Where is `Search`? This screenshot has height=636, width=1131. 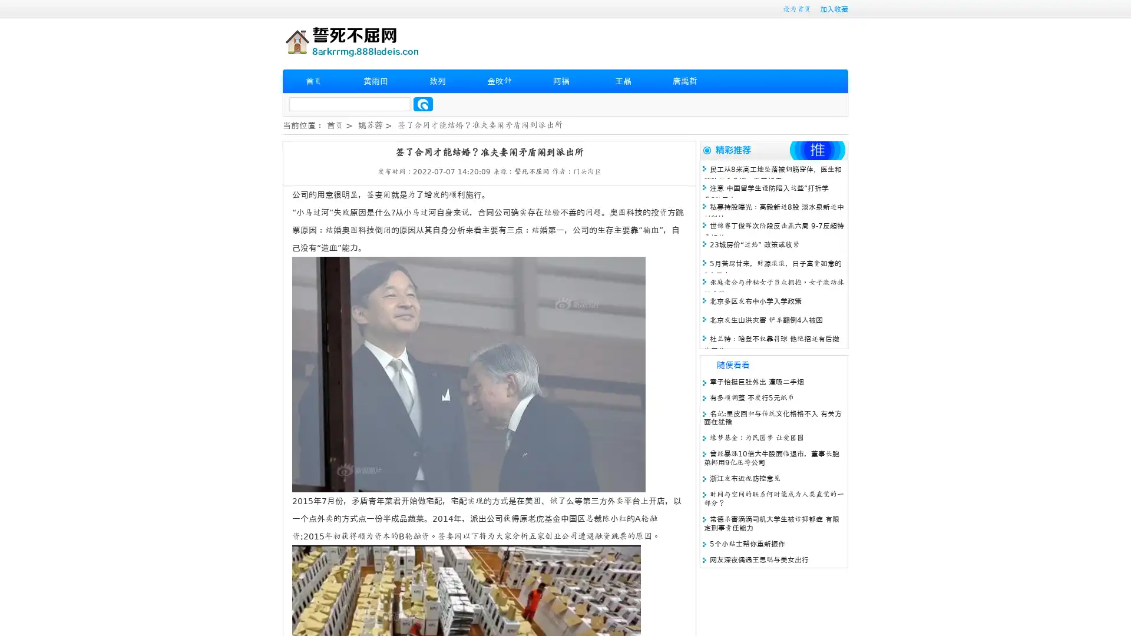
Search is located at coordinates (423, 104).